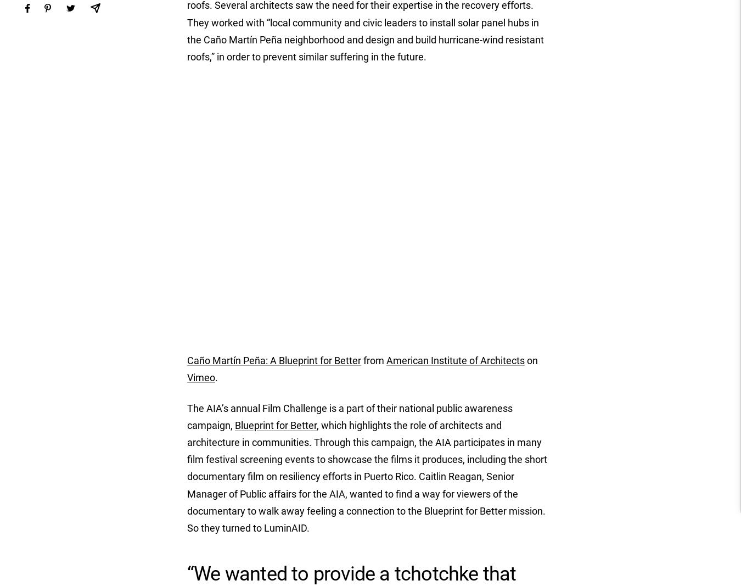 Image resolution: width=741 pixels, height=586 pixels. Describe the element at coordinates (527, 153) in the screenshot. I see `'Italy (EUR €)'` at that location.